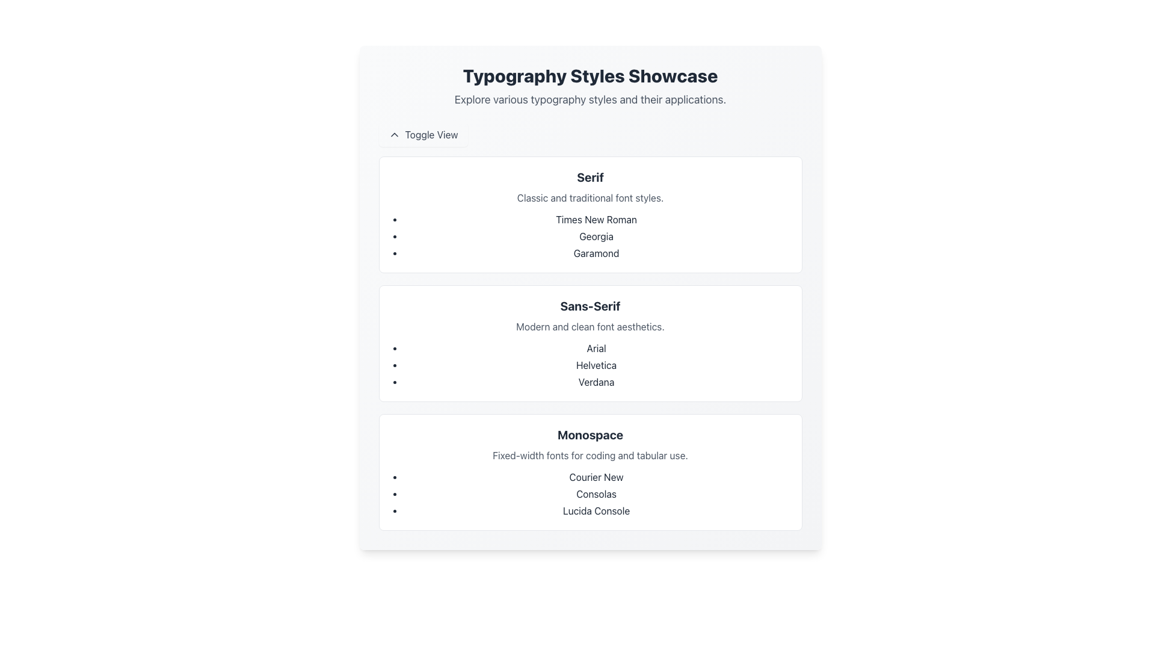 The image size is (1155, 650). What do you see at coordinates (596, 494) in the screenshot?
I see `the text label displaying 'Consolas', which is the second item in the vertical list of font names under the 'Monospace' section` at bounding box center [596, 494].